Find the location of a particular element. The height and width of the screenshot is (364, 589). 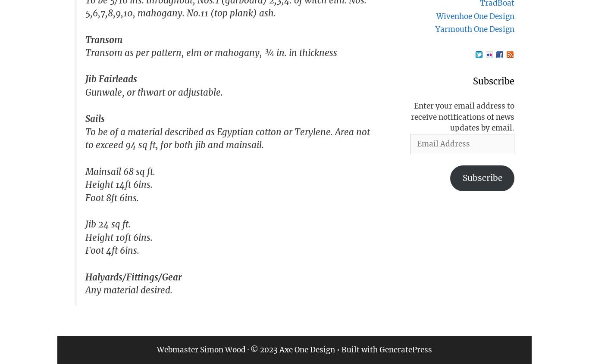

'Height 14ft 6ins.' is located at coordinates (119, 185).